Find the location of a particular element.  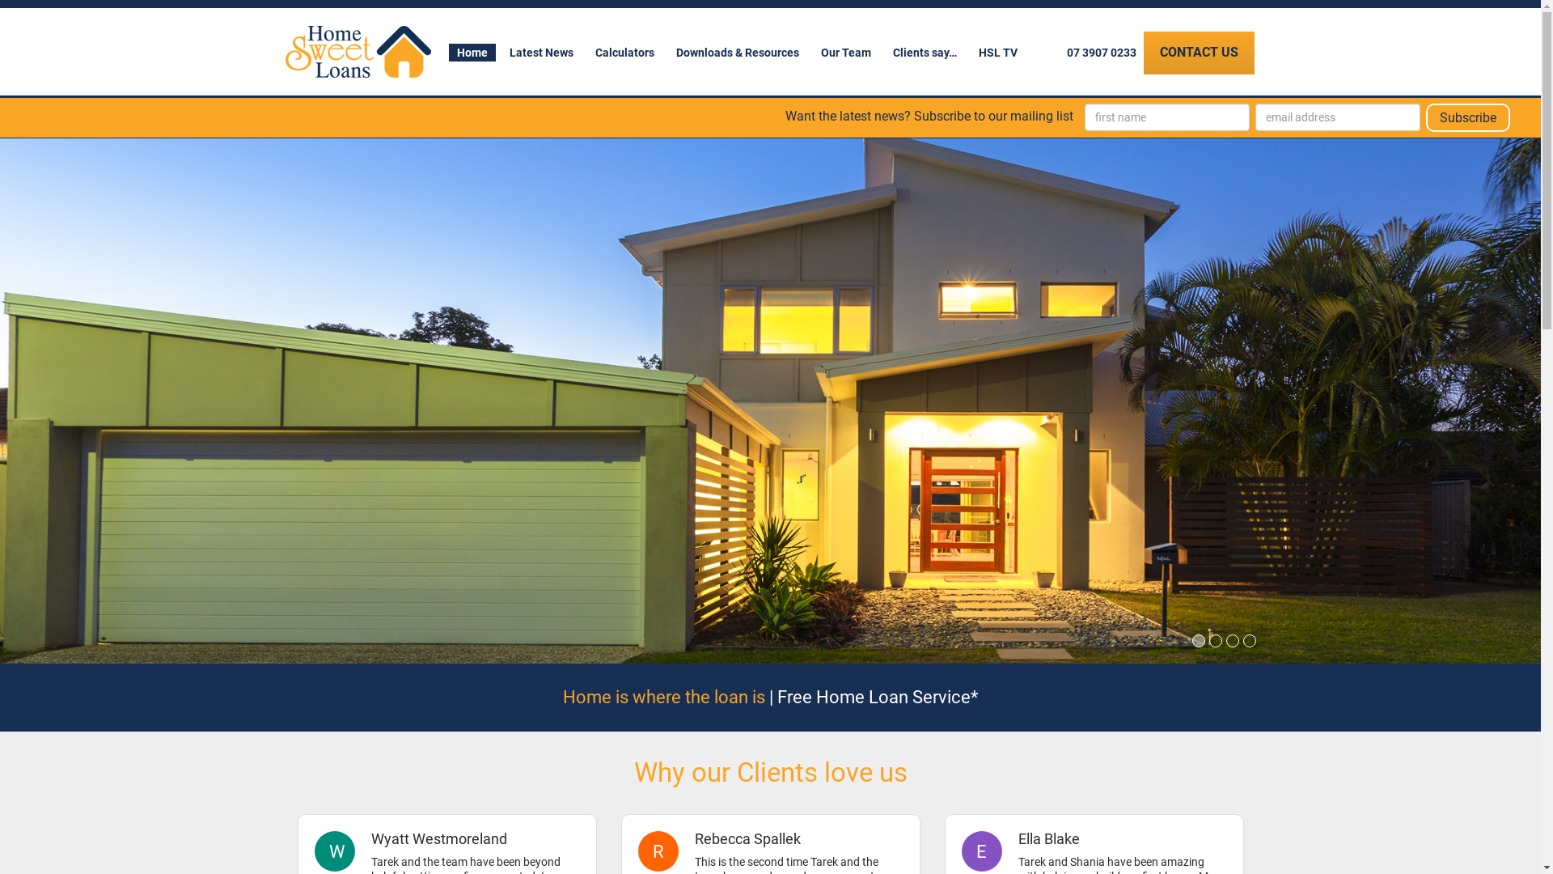

'Calculators' is located at coordinates (624, 52).